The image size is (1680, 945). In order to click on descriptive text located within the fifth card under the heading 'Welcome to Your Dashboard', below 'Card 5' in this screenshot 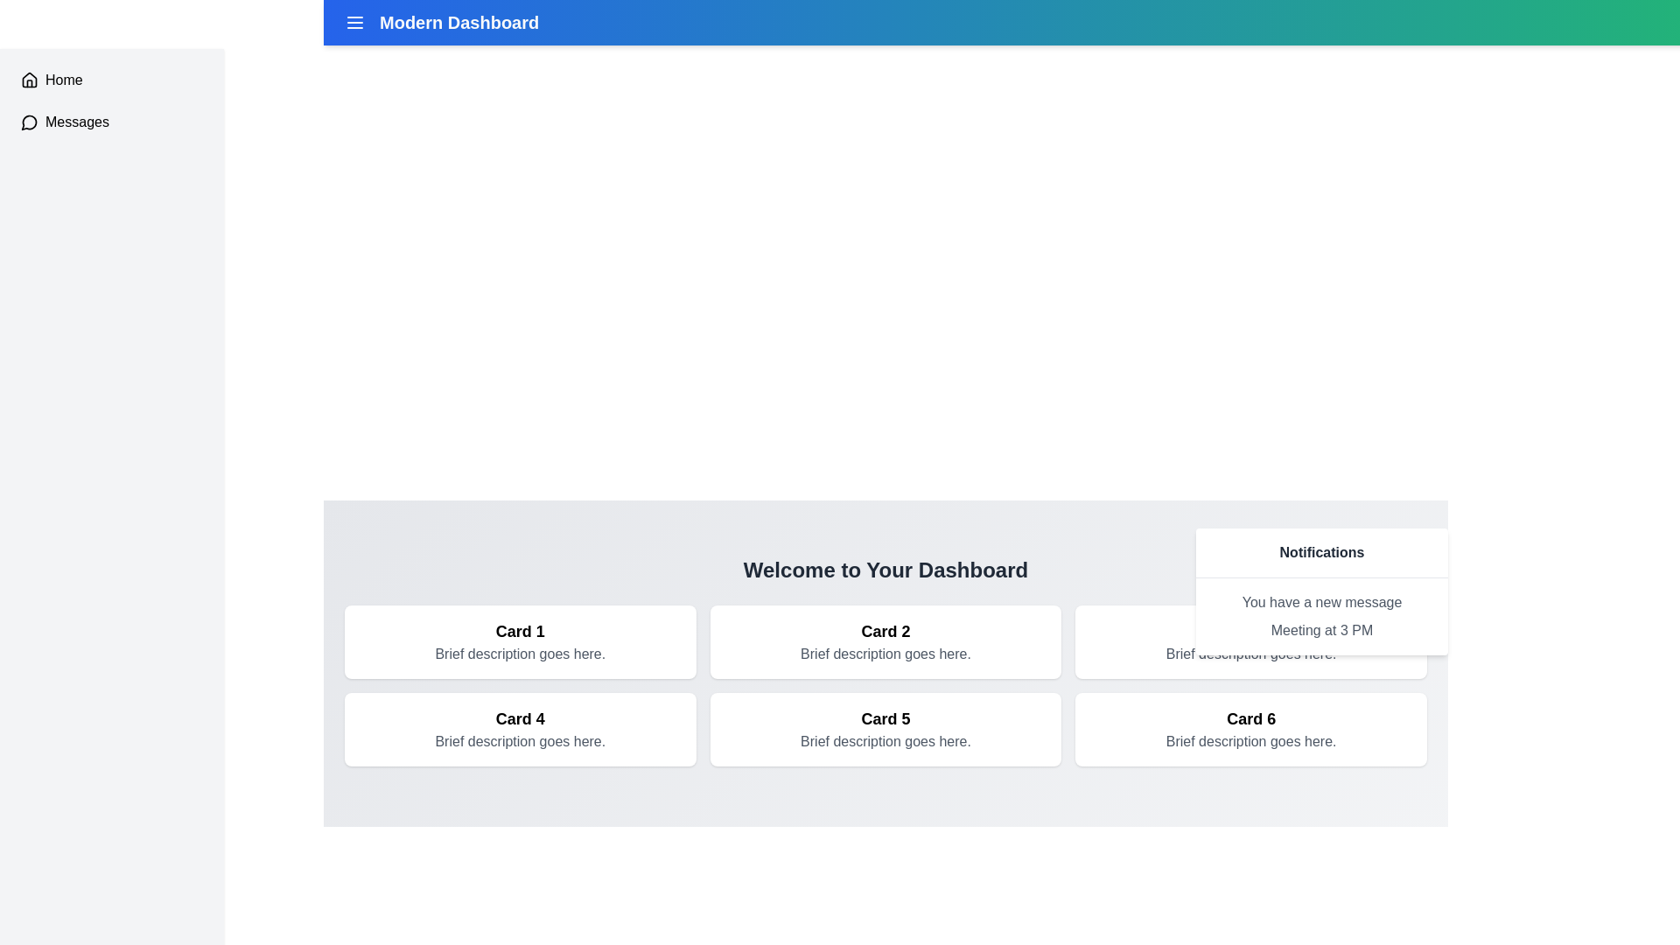, I will do `click(885, 742)`.